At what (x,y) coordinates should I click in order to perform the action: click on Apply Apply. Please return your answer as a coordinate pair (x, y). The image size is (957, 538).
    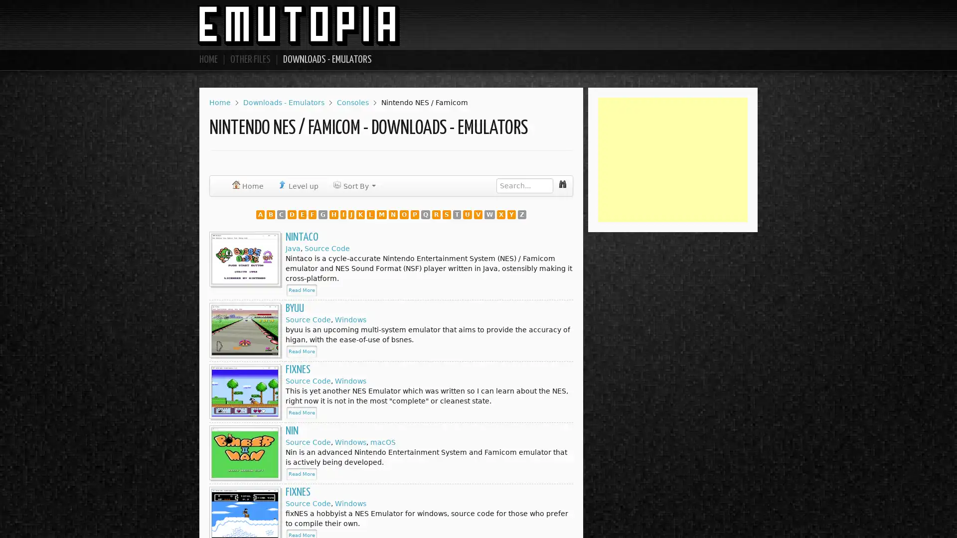
    Looking at the image, I should click on (513, 214).